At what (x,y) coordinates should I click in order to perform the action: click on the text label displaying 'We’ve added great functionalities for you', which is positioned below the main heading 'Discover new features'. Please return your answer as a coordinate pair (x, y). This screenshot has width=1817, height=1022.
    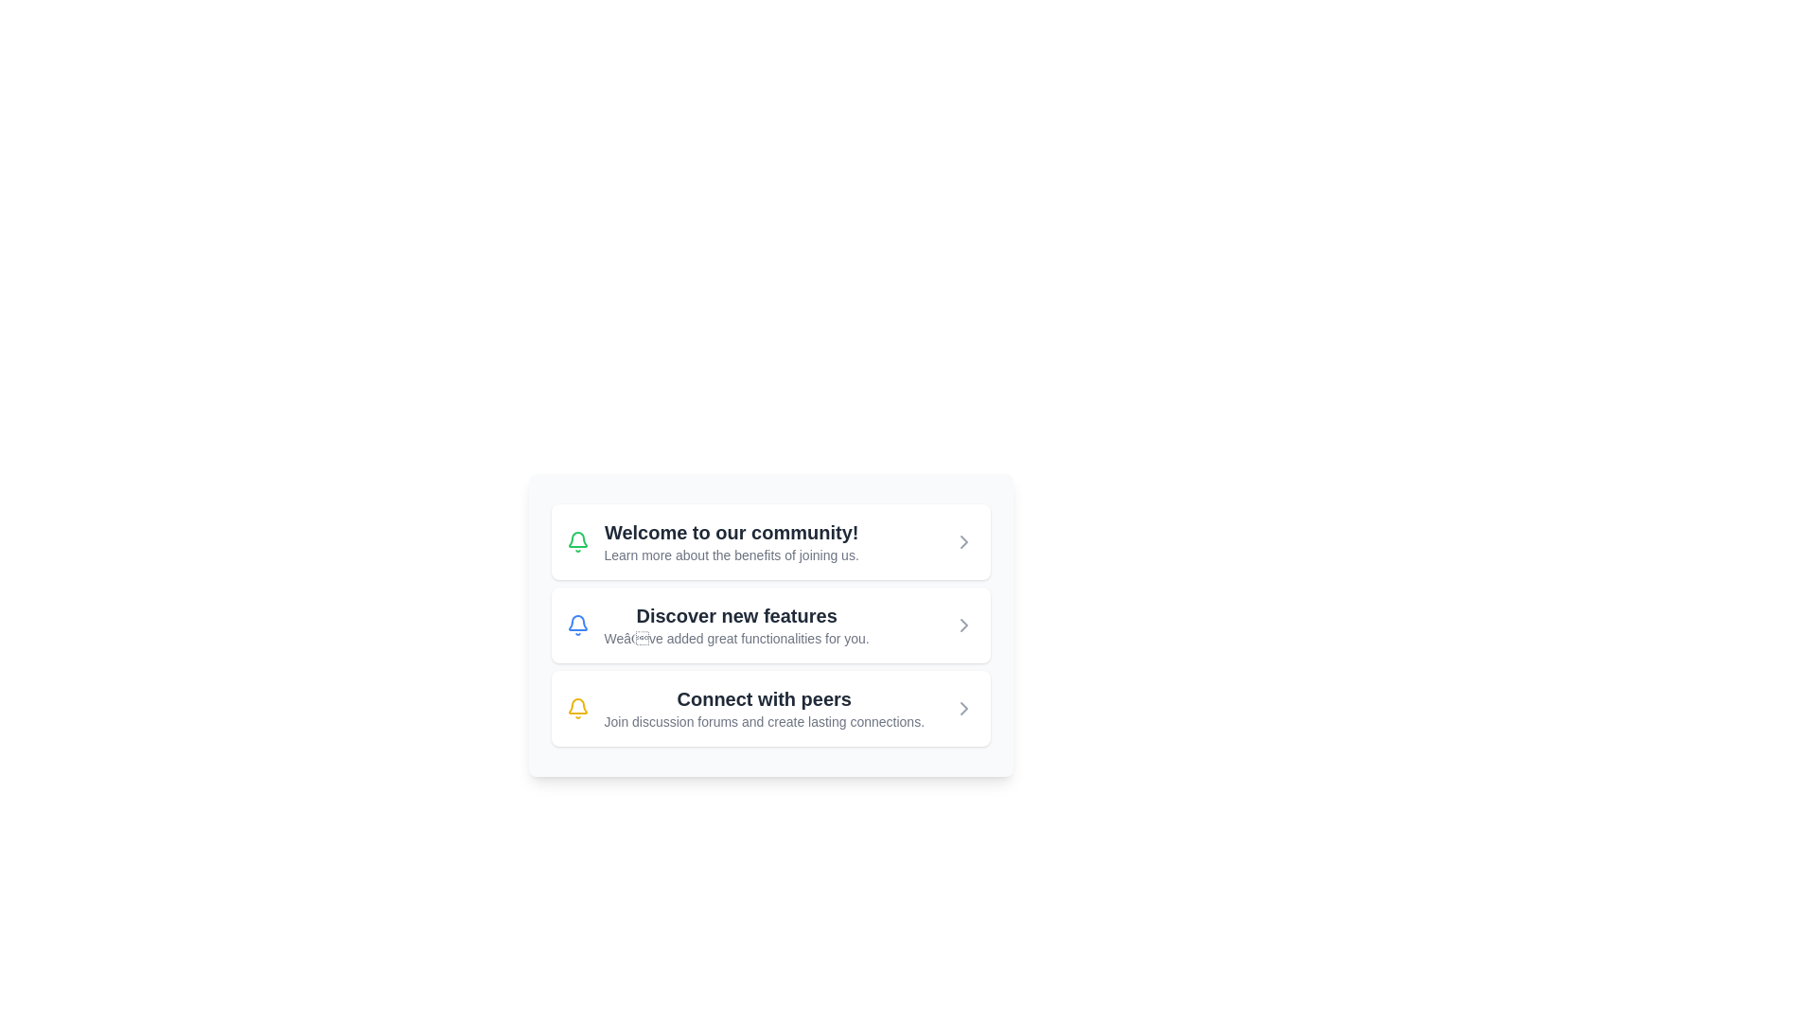
    Looking at the image, I should click on (735, 639).